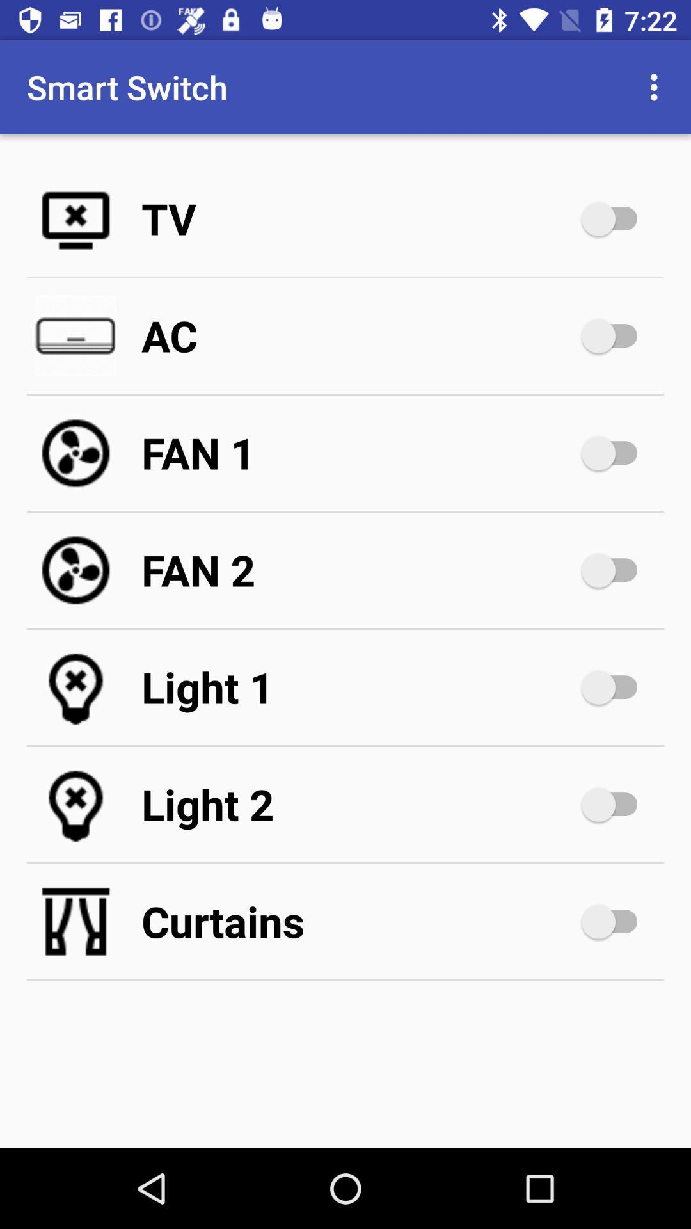 The height and width of the screenshot is (1229, 691). I want to click on the icon below the light 1 icon, so click(358, 804).